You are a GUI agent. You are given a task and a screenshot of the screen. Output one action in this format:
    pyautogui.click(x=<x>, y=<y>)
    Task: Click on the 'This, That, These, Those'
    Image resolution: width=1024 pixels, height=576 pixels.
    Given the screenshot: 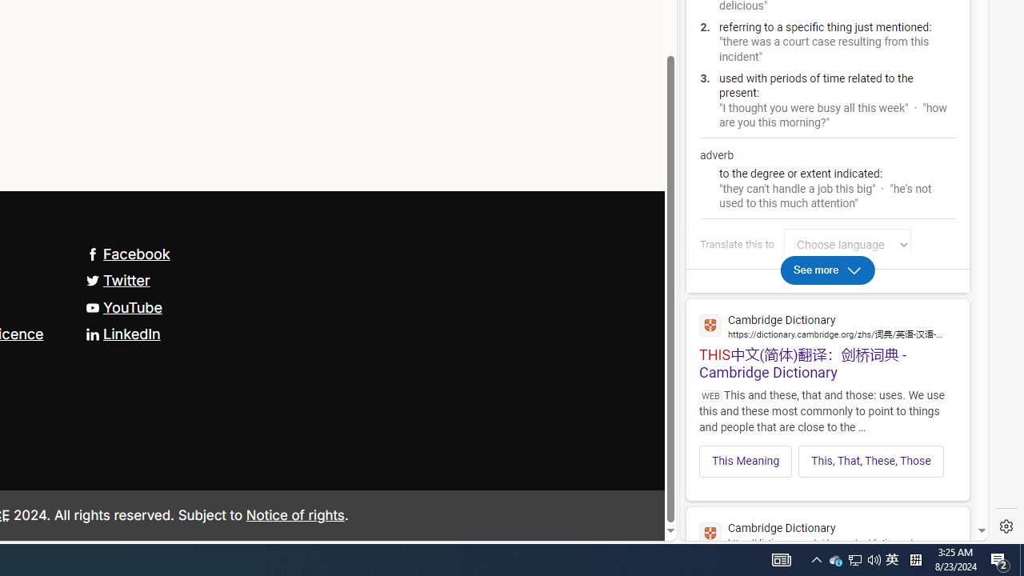 What is the action you would take?
    pyautogui.click(x=870, y=461)
    